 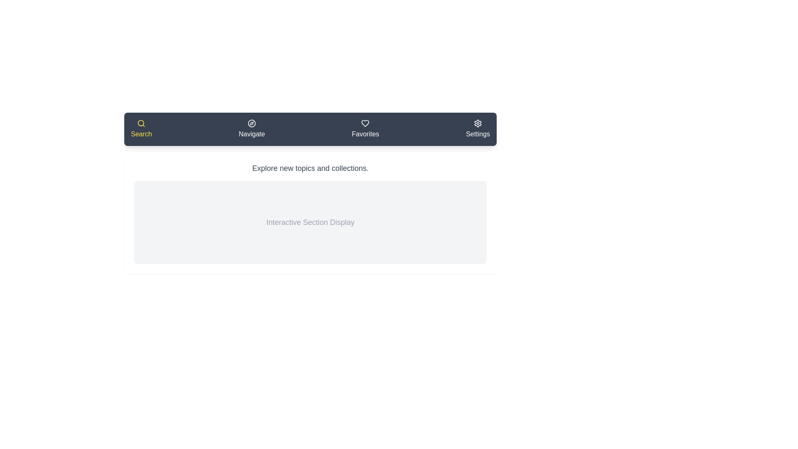 What do you see at coordinates (478, 129) in the screenshot?
I see `the tab labeled Settings to view its hover effect` at bounding box center [478, 129].